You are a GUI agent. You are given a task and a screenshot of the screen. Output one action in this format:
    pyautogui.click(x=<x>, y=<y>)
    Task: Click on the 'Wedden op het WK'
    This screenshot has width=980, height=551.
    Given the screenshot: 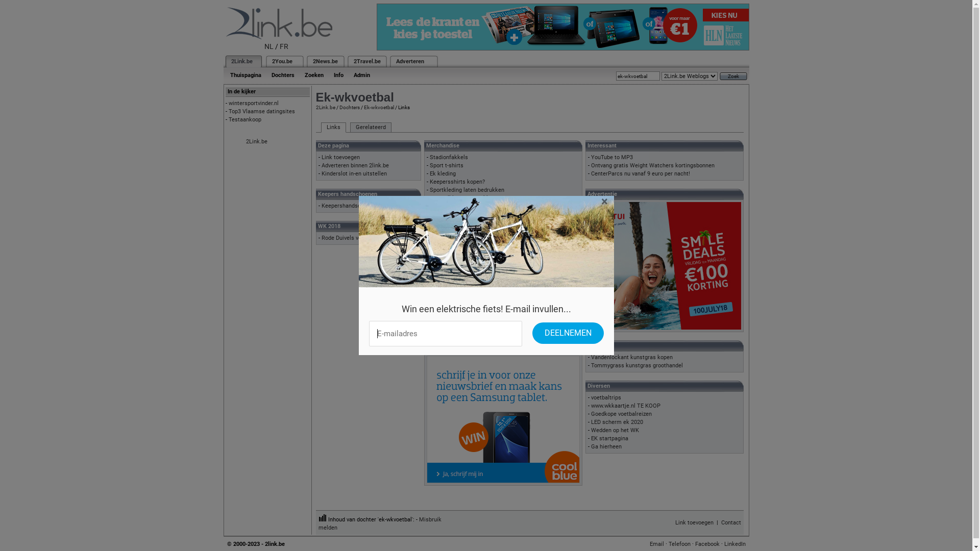 What is the action you would take?
    pyautogui.click(x=614, y=430)
    